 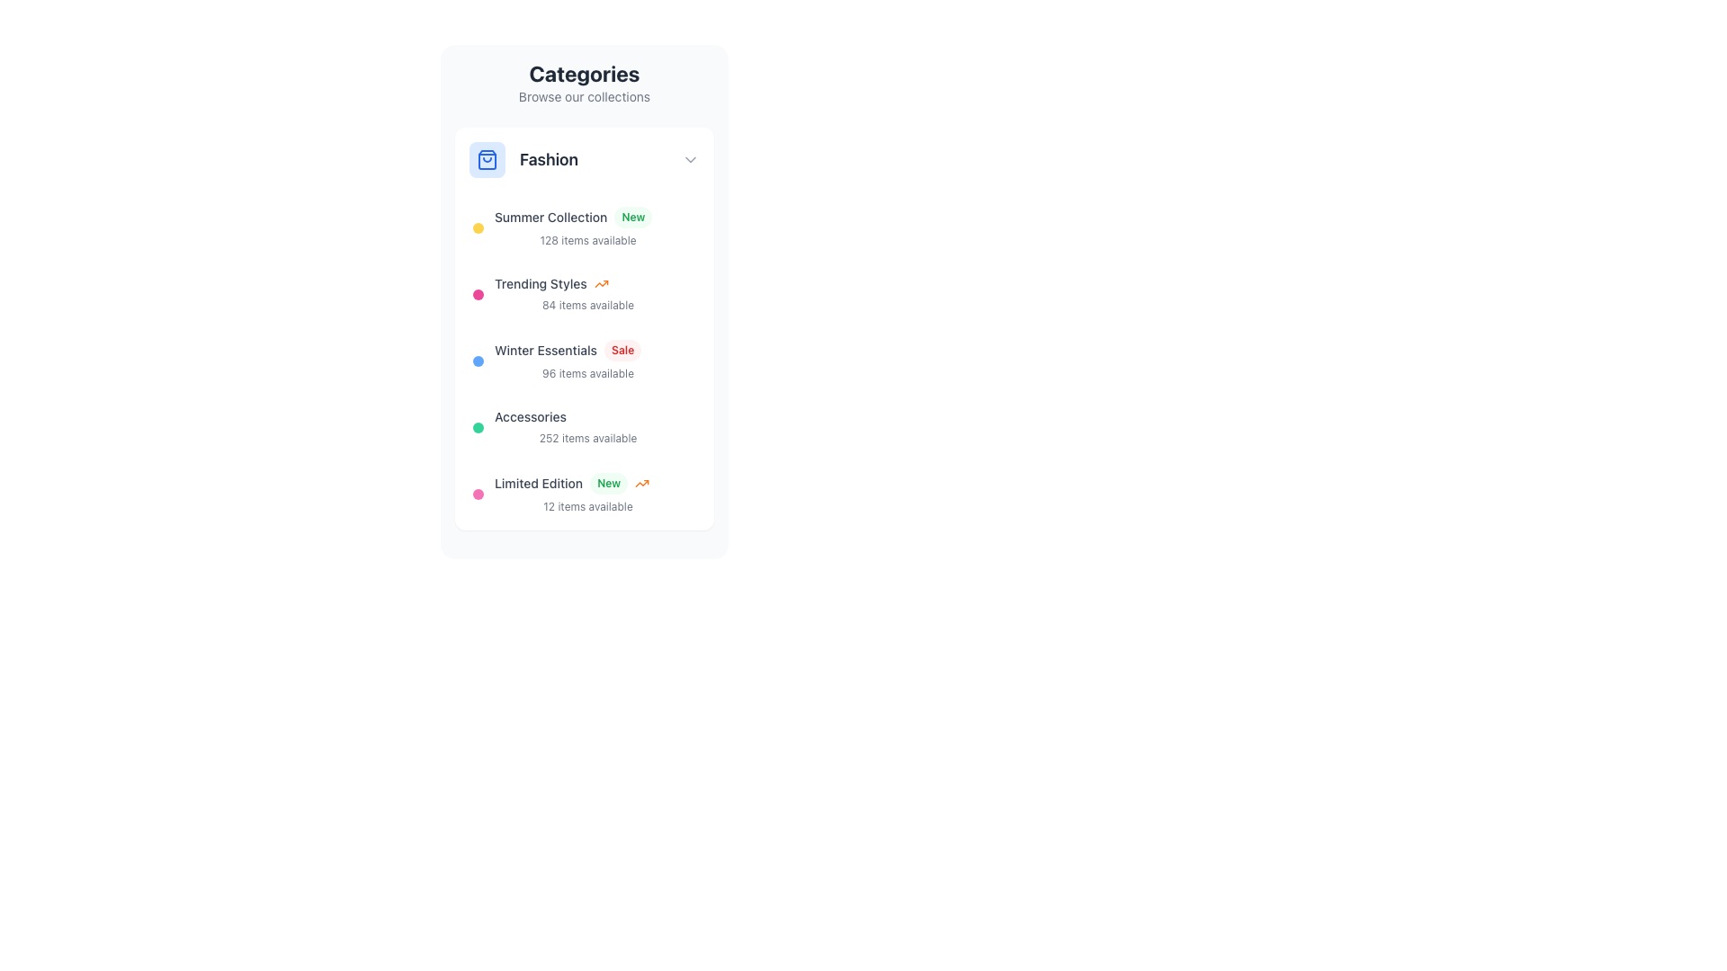 I want to click on the upward-sloping line chart icon representing 'Trending Styles' located to the right of its label in the 'Fashion' category list, so click(x=601, y=283).